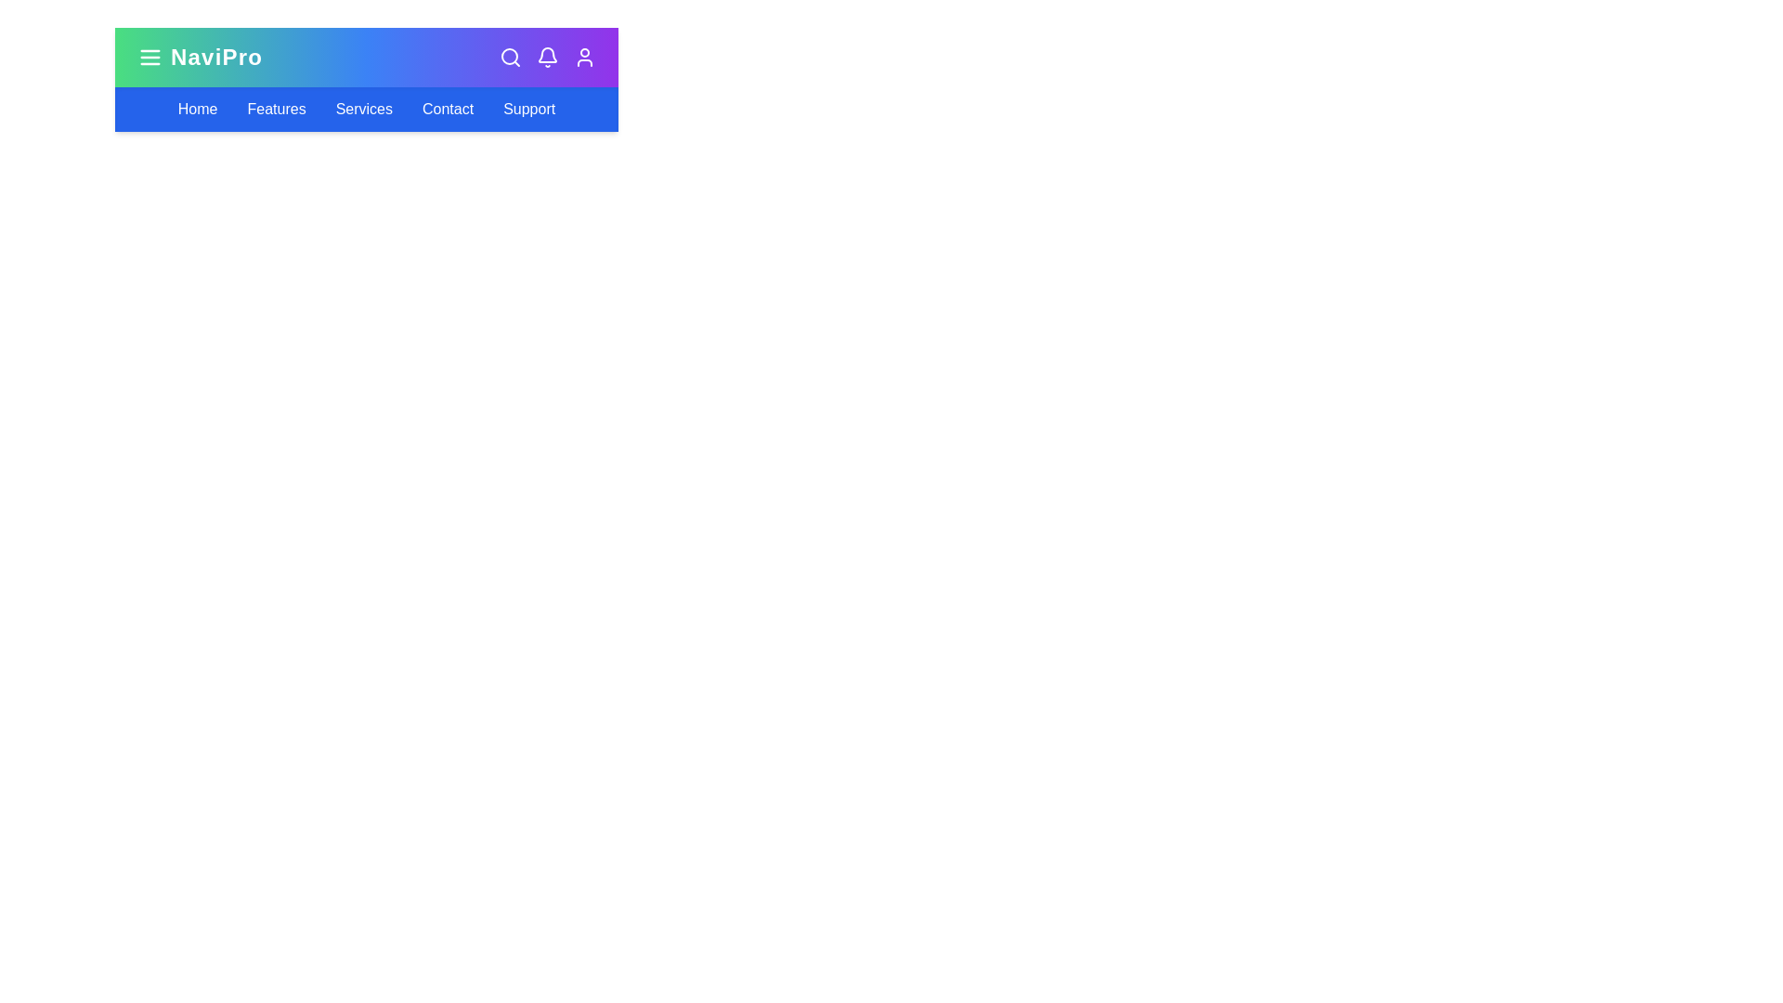 The image size is (1783, 1003). I want to click on the navigation link Home to observe its hover effect, so click(197, 110).